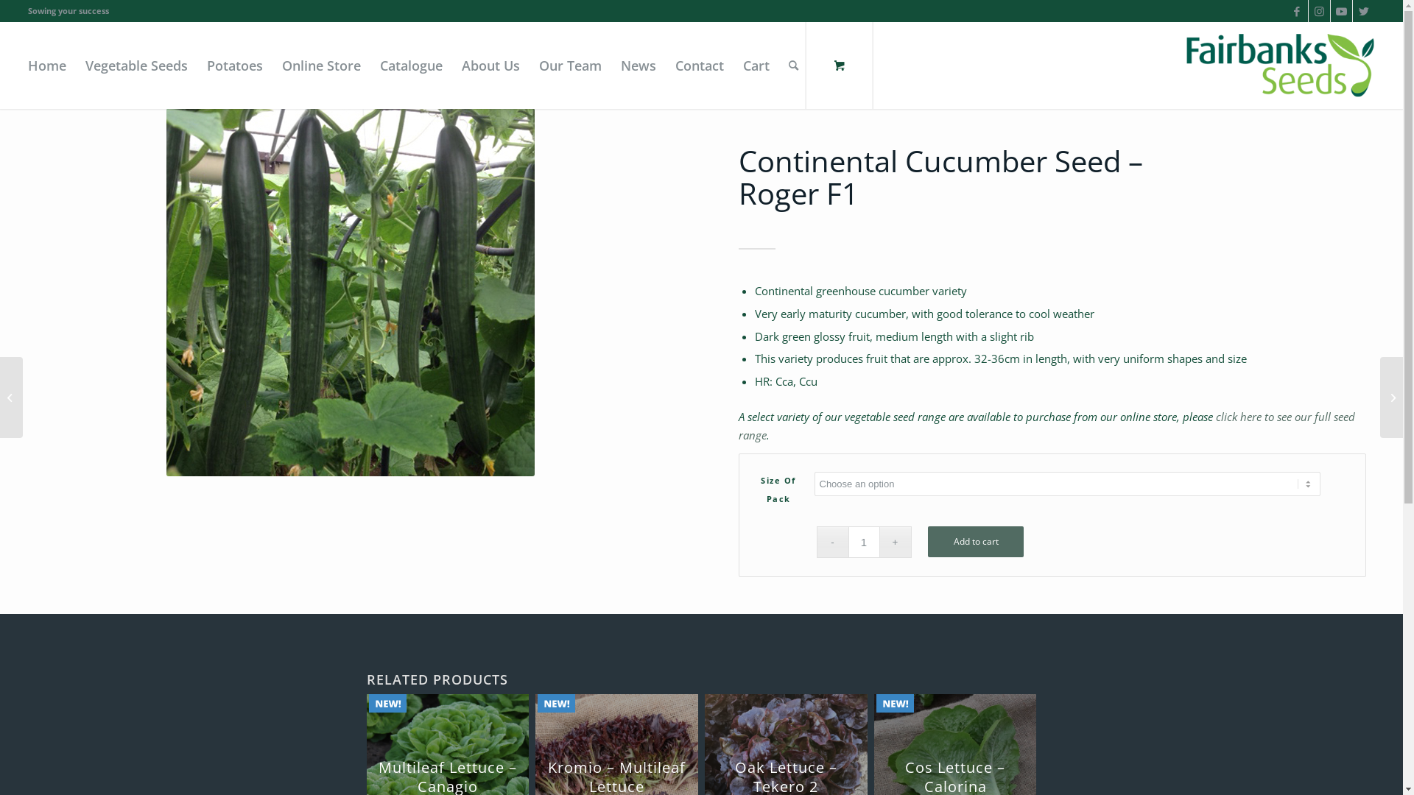 The height and width of the screenshot is (795, 1414). I want to click on 'Twitter', so click(1353, 11).